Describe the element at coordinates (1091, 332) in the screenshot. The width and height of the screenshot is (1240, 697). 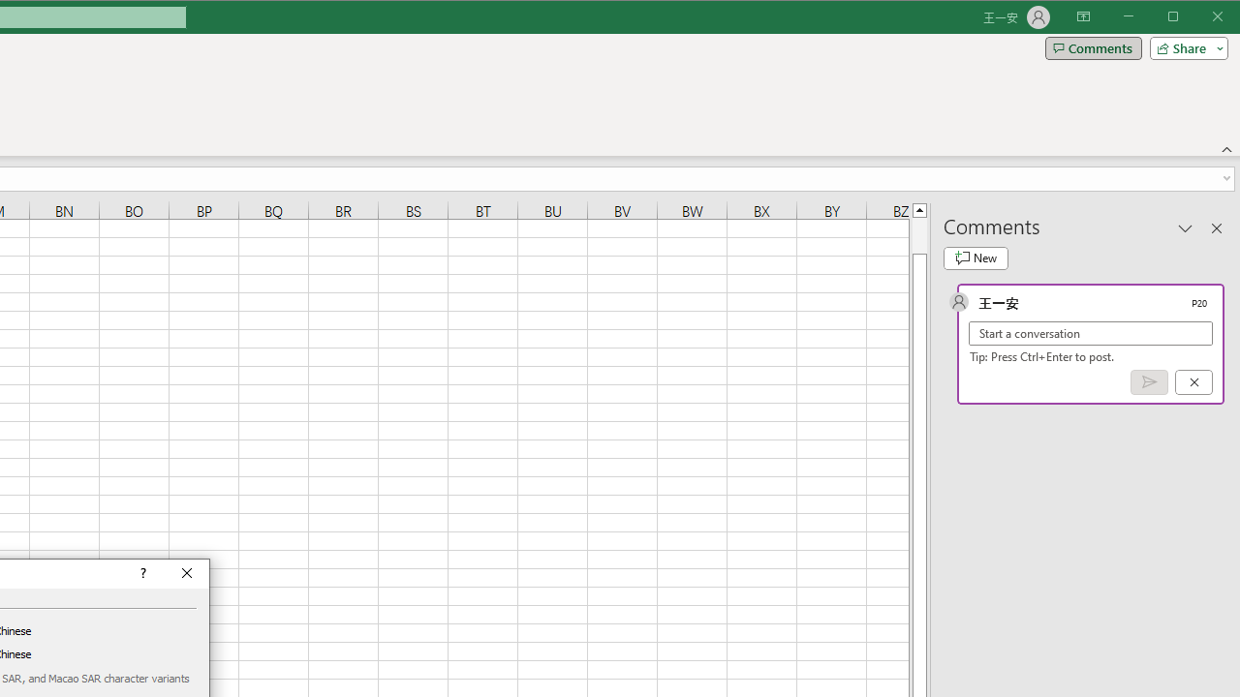
I see `'Start a conversation'` at that location.